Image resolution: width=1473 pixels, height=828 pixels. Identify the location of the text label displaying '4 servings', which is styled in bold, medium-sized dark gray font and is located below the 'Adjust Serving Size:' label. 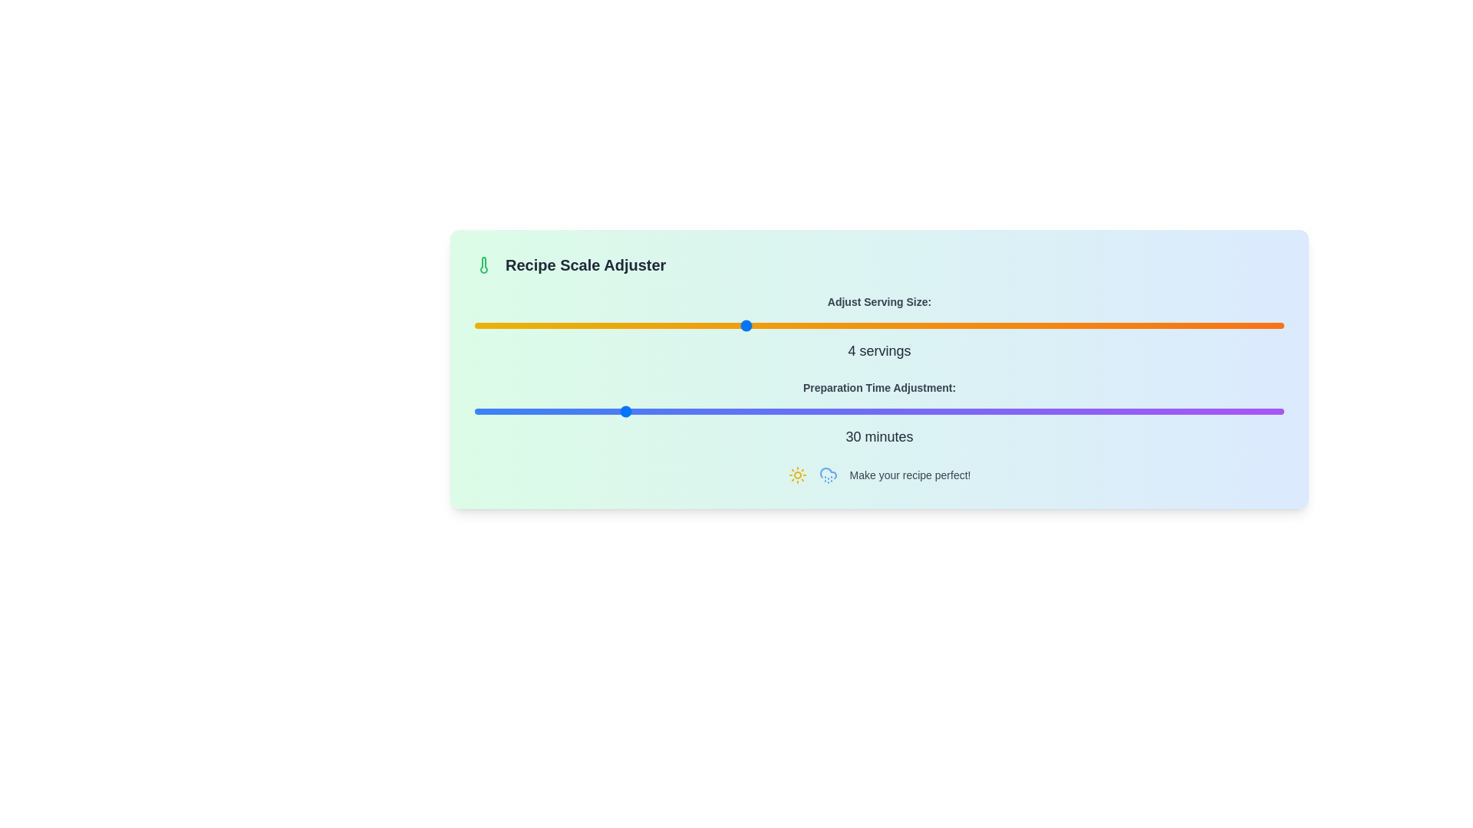
(879, 351).